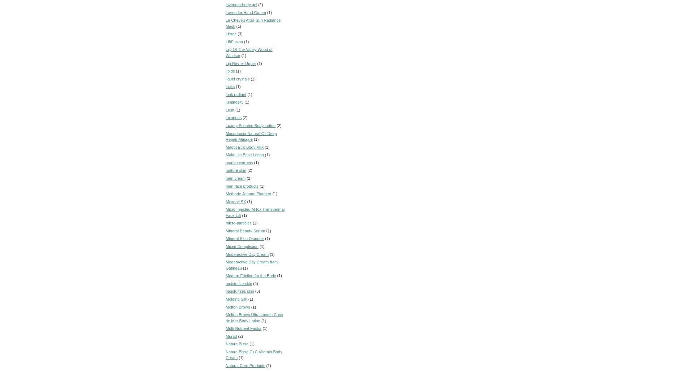  I want to click on 'Natural Care Products', so click(225, 365).